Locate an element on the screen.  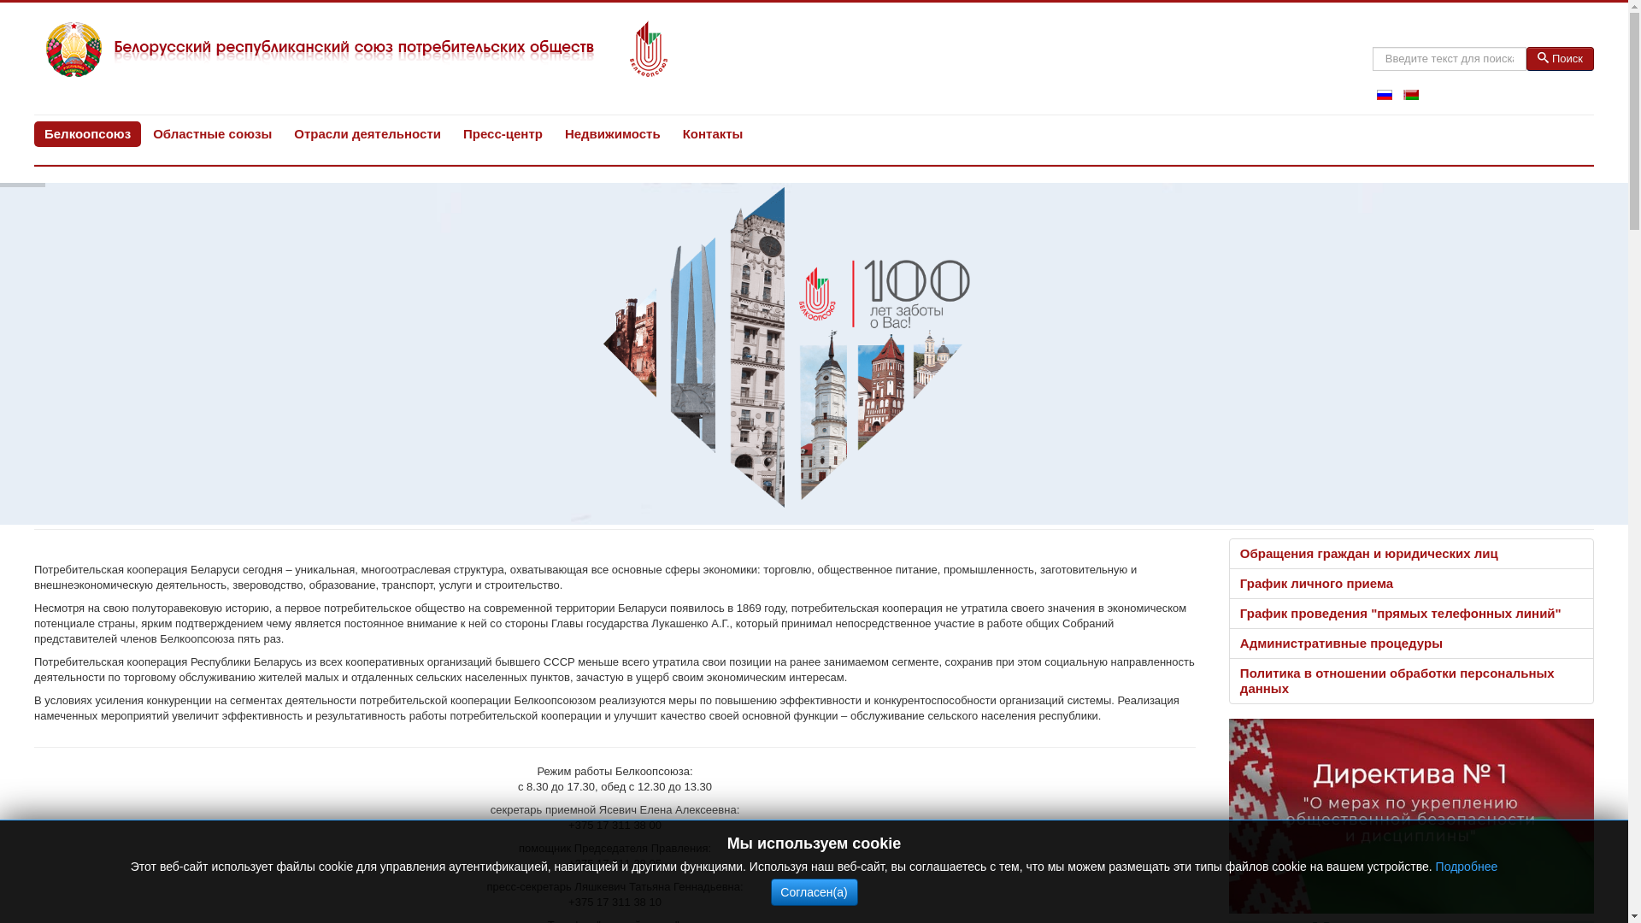
'Russian (RU)' is located at coordinates (1385, 95).